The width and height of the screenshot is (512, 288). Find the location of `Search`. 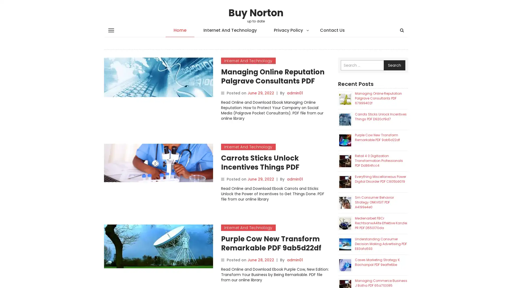

Search is located at coordinates (394, 65).